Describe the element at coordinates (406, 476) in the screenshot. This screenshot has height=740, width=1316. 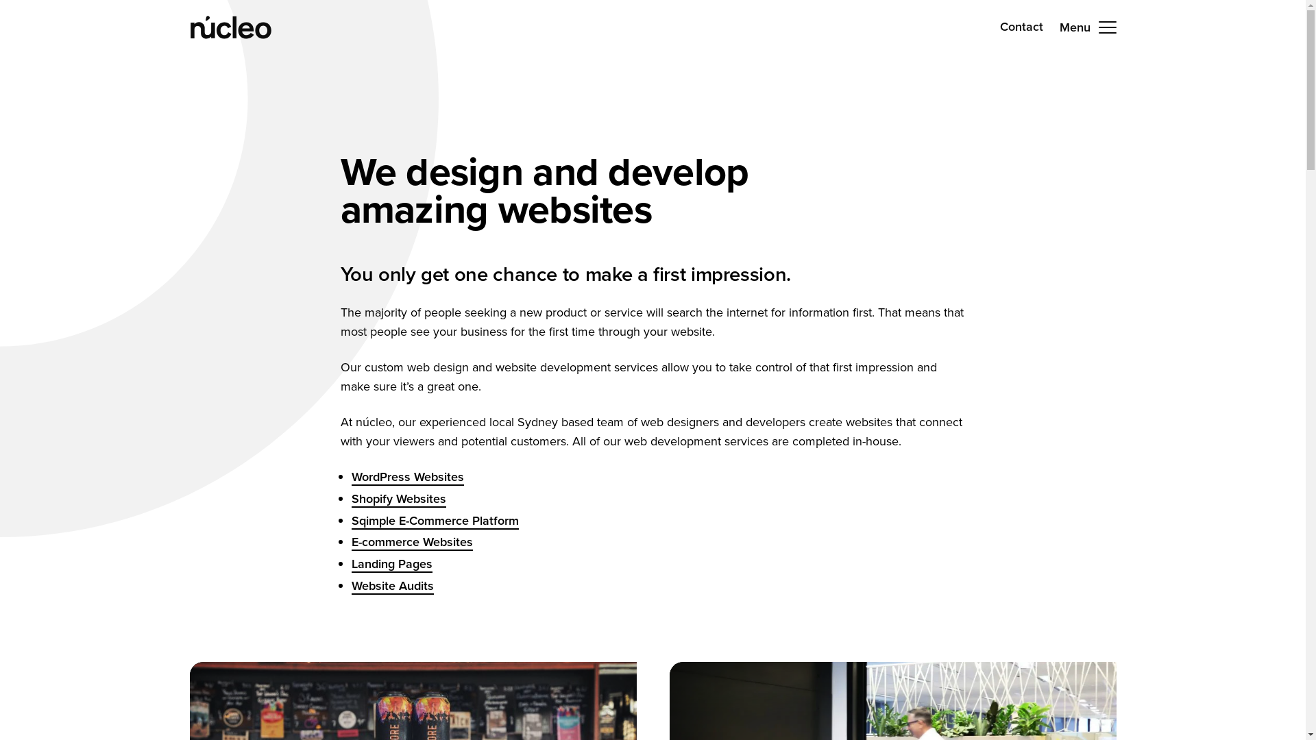
I see `'WordPress Websites'` at that location.